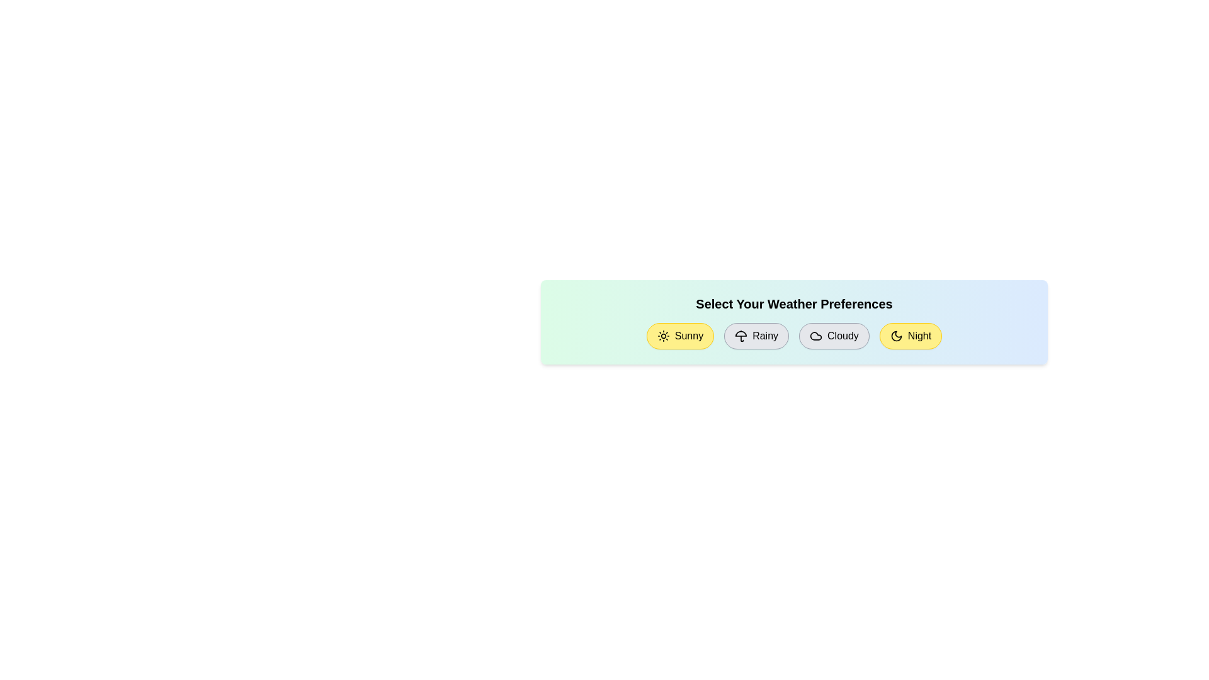  What do you see at coordinates (679, 335) in the screenshot?
I see `the weather chip corresponding to Sunny` at bounding box center [679, 335].